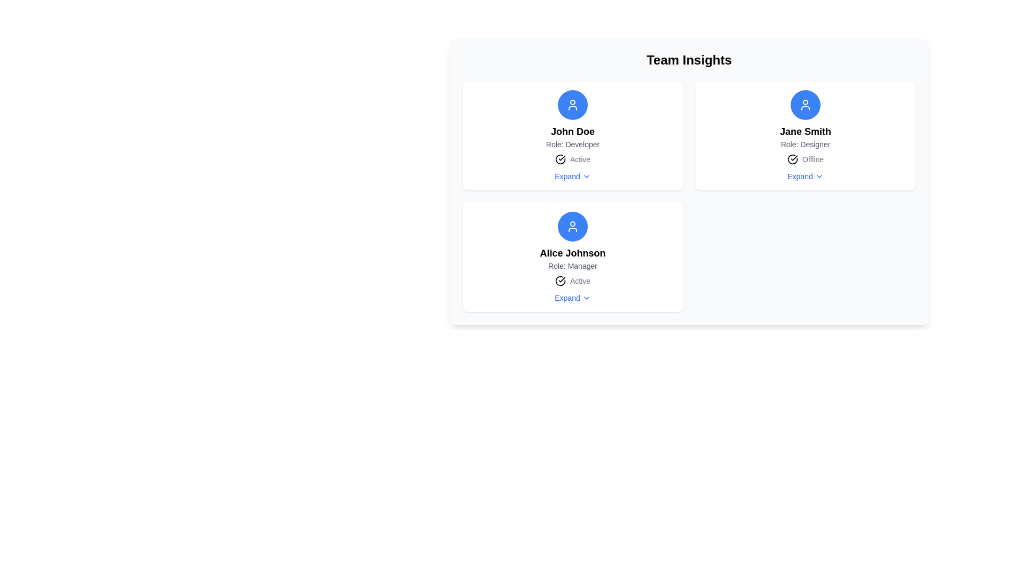 This screenshot has height=576, width=1025. Describe the element at coordinates (572, 105) in the screenshot. I see `the circular user icon with a blue background and white person figure located in the top-left card of the grid structure labeled 'John Doe'` at that location.